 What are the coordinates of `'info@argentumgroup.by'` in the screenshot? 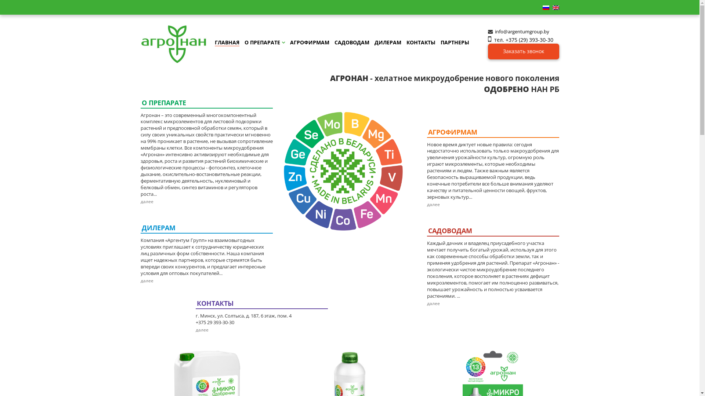 It's located at (495, 31).